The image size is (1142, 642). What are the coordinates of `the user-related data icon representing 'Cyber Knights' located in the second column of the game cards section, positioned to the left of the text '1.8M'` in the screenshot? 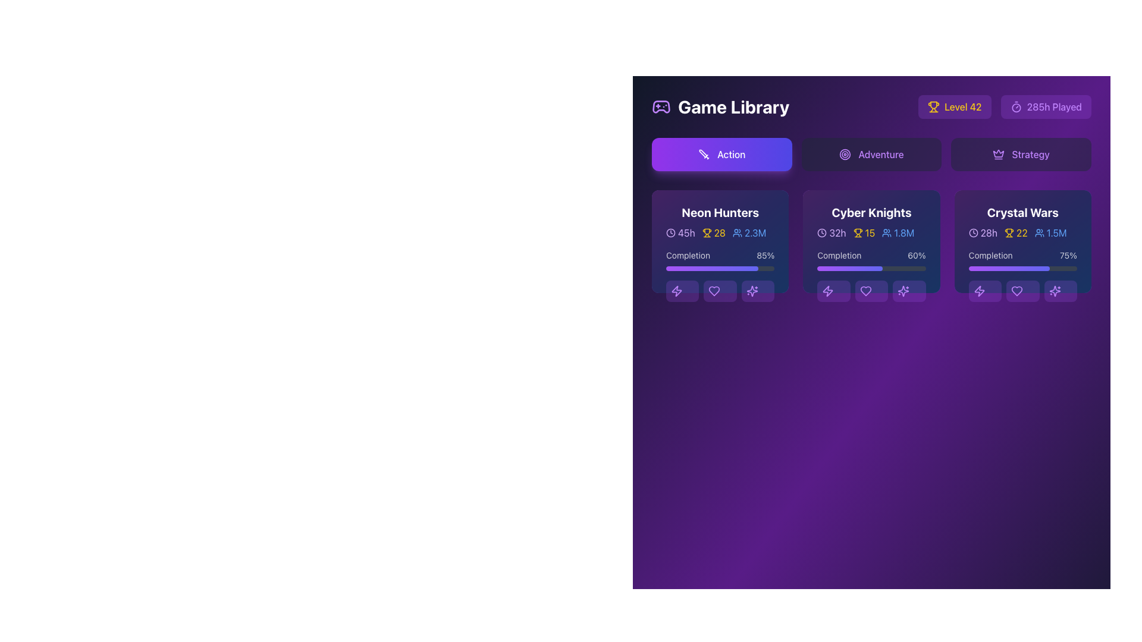 It's located at (887, 233).